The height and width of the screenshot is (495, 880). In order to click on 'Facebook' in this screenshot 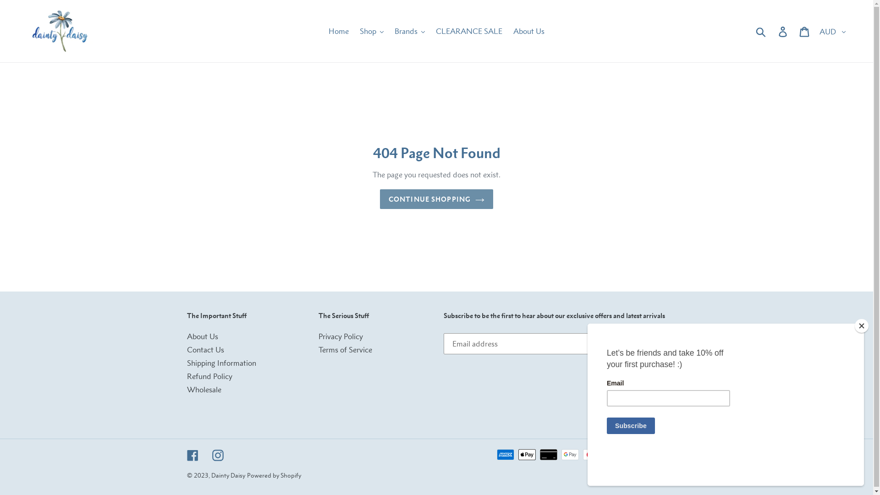, I will do `click(192, 455)`.